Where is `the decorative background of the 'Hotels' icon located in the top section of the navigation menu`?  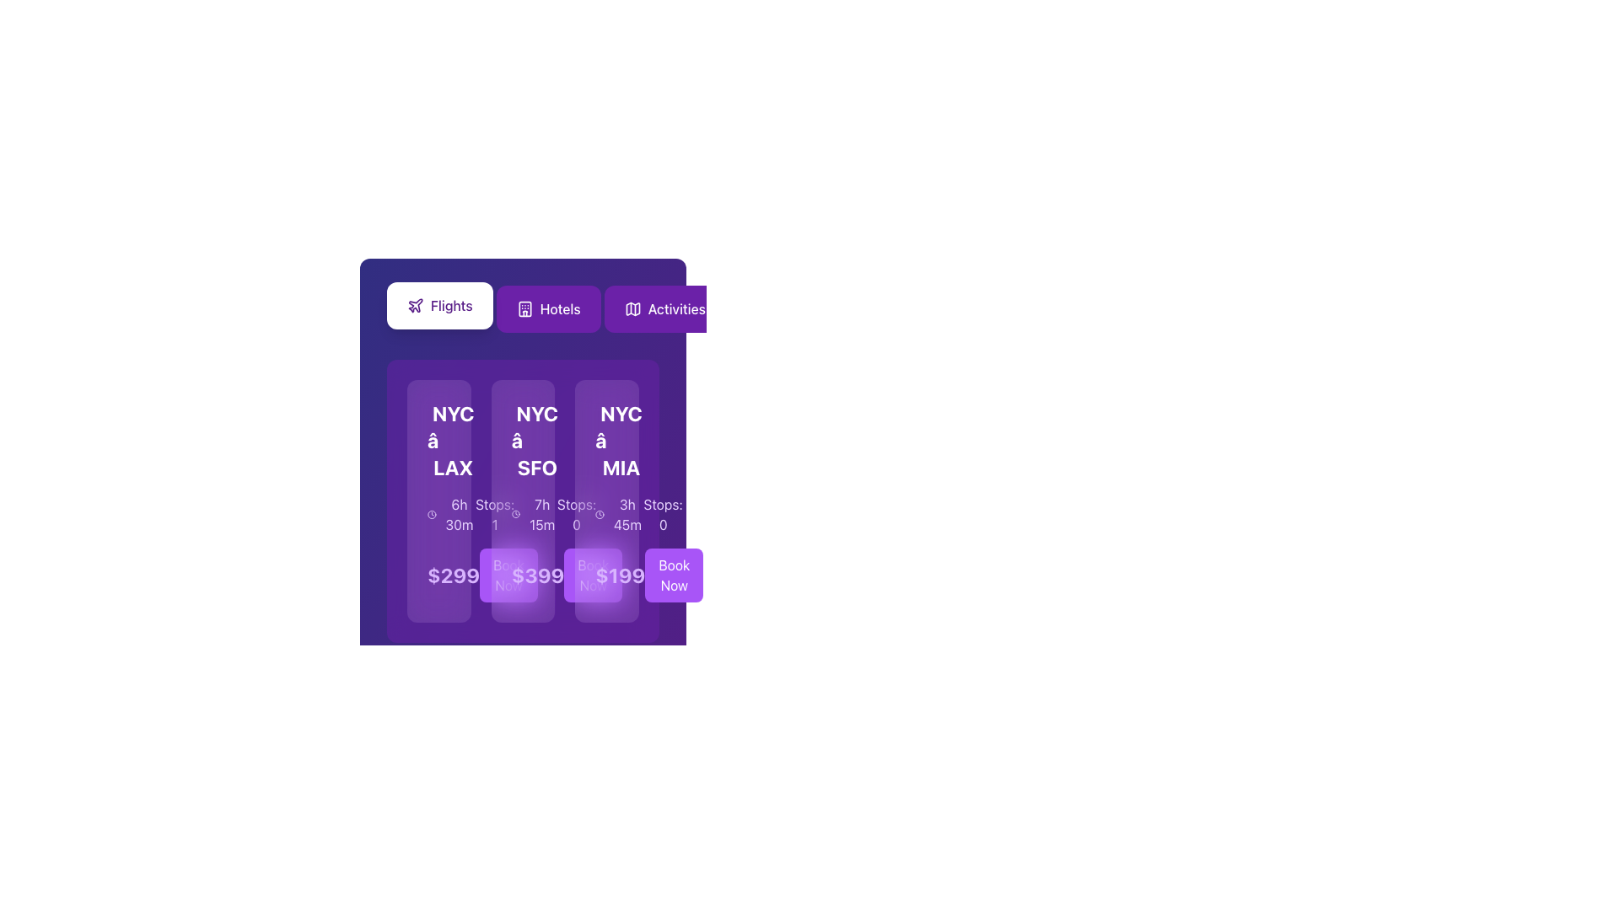 the decorative background of the 'Hotels' icon located in the top section of the navigation menu is located at coordinates (524, 308).